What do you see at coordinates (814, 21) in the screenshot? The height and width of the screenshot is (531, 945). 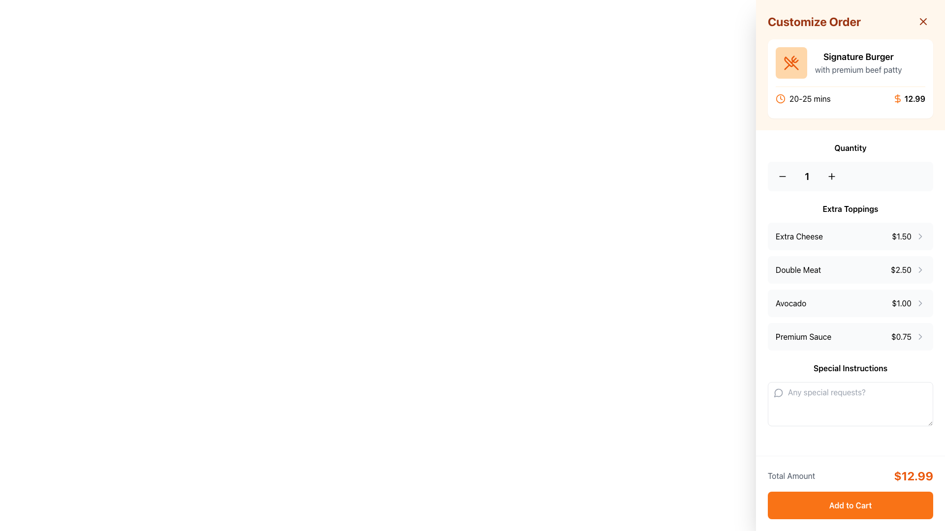 I see `the text element reading 'Customize Order' which is styled in bold, large orange font and located at the top of the sidebar interface` at bounding box center [814, 21].